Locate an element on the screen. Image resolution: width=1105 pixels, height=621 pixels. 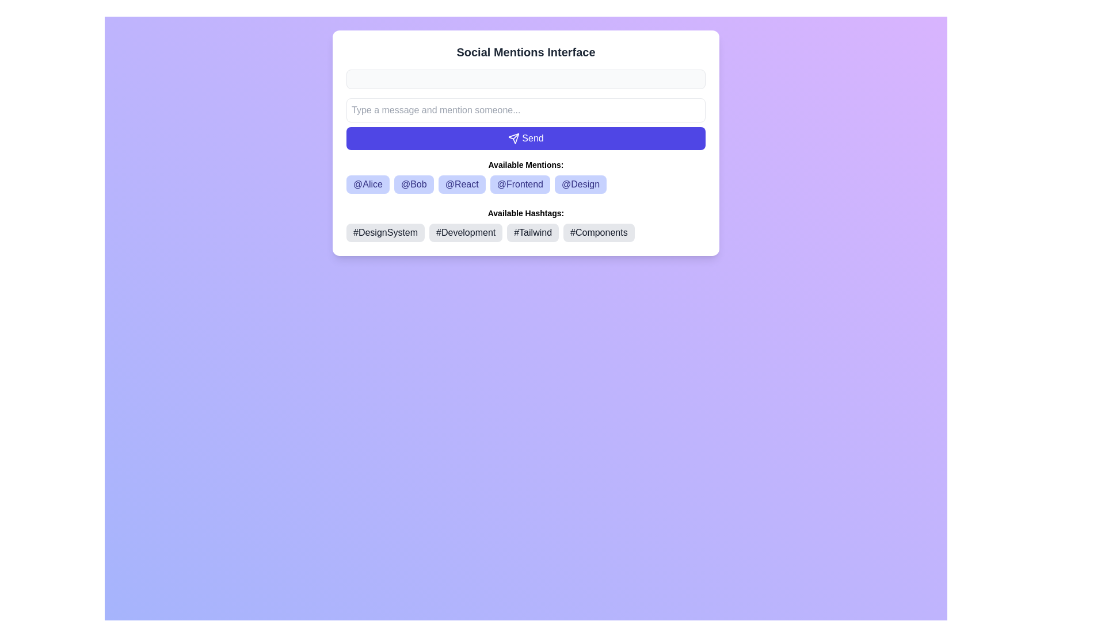
the selectable hashtag label representing 'Tailwind', which is the third item in a row of four hashtags displayed below the 'Available Hashtags:' heading is located at coordinates (532, 233).